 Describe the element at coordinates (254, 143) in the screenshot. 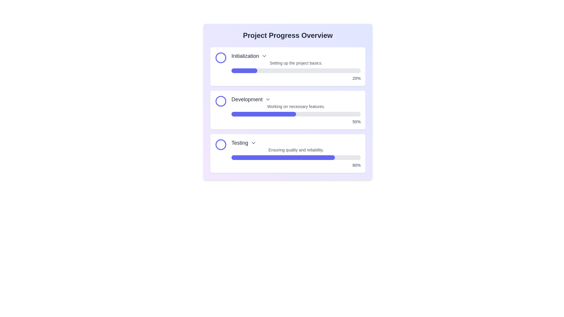

I see `the icon located next to the text 'Testing' in the 'Testing' section` at that location.